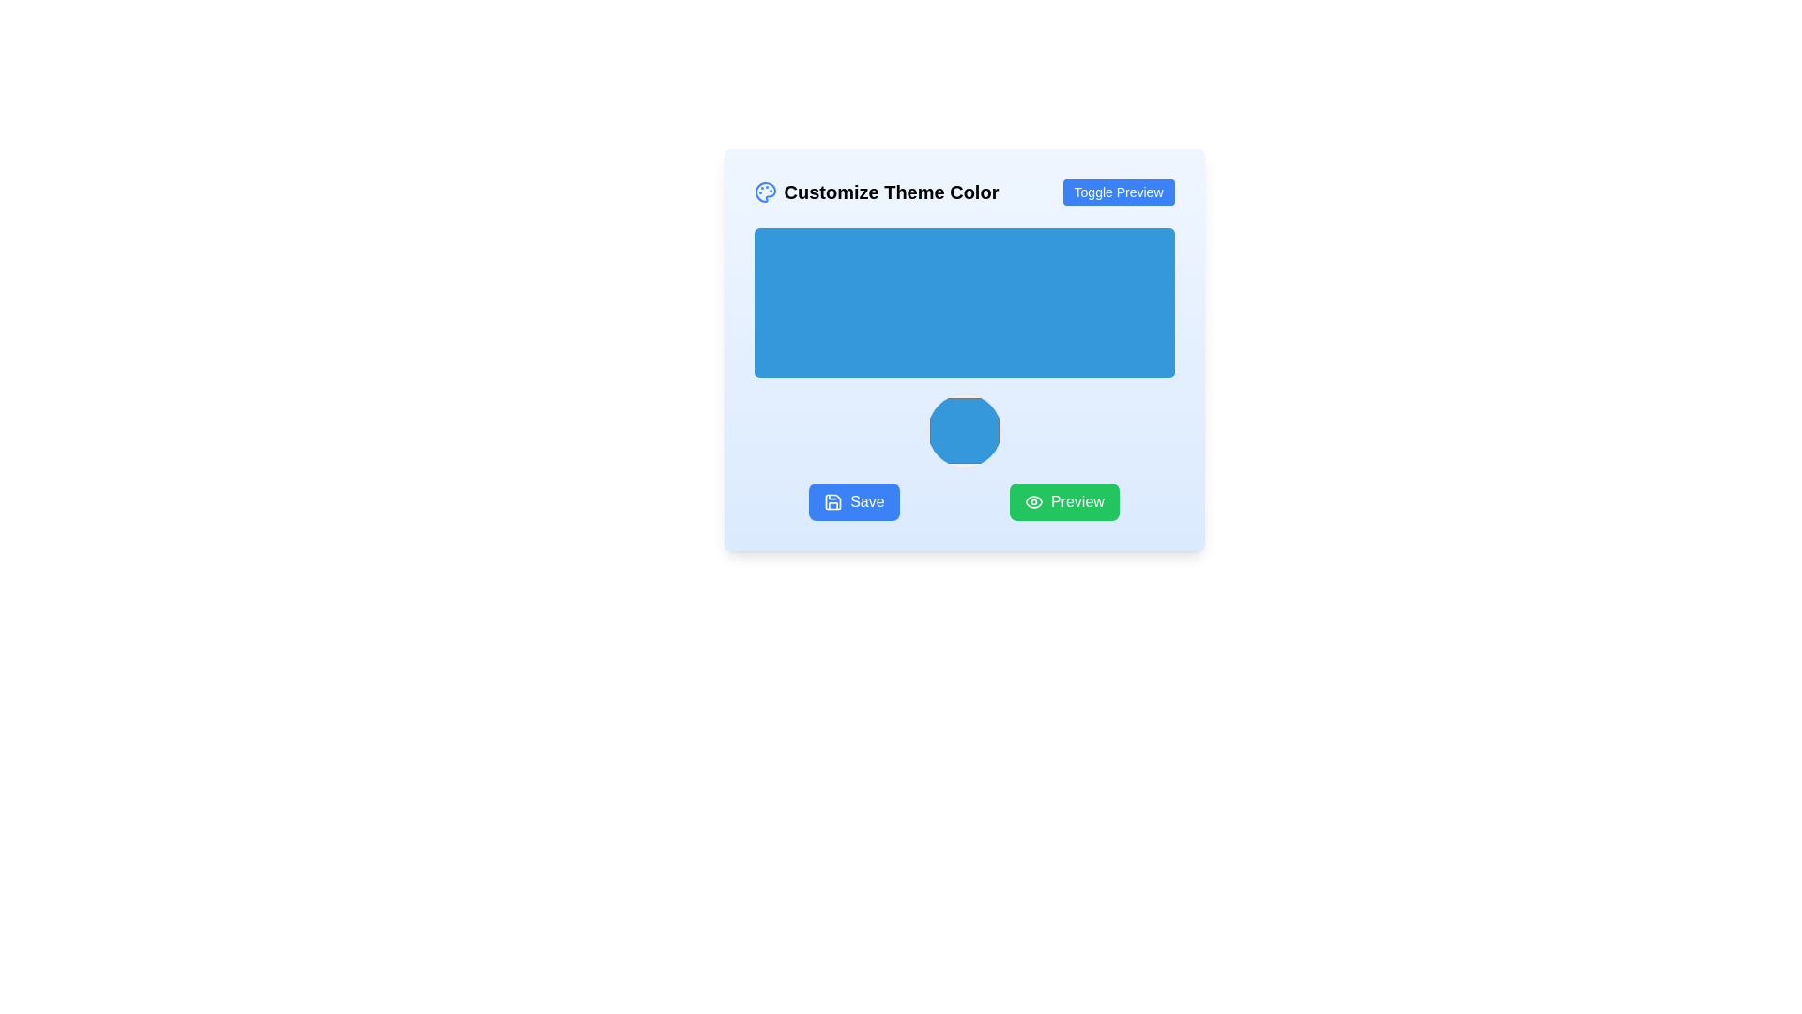 Image resolution: width=1802 pixels, height=1014 pixels. I want to click on the save icon, which is a small, outlined graphic of a floppy disk located to the left of the 'Save' button, so click(832, 501).